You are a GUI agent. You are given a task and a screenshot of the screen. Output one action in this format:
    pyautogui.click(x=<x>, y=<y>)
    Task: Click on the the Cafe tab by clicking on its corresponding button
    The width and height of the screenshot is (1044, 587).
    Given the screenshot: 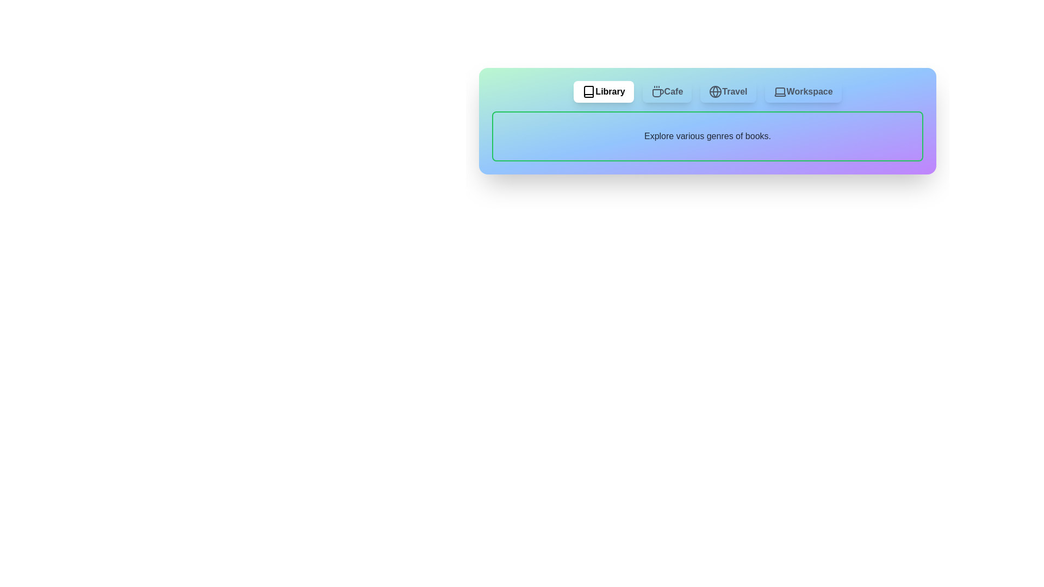 What is the action you would take?
    pyautogui.click(x=666, y=91)
    